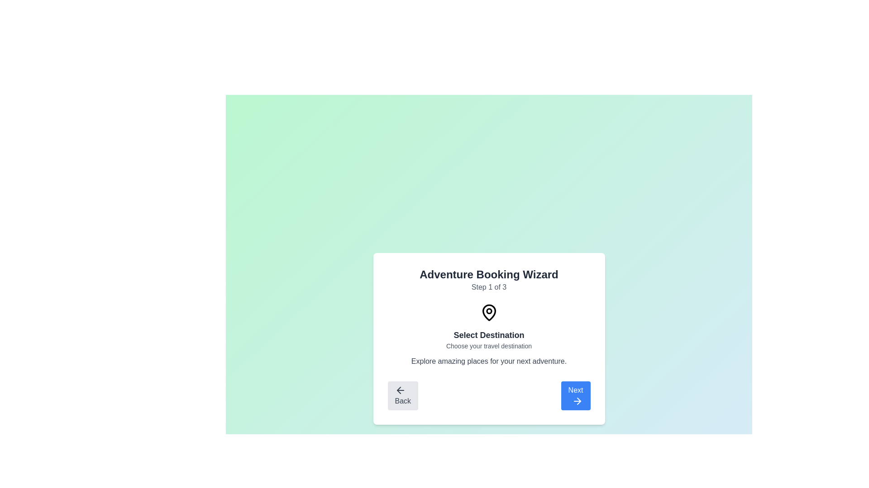 This screenshot has height=488, width=869. Describe the element at coordinates (578, 400) in the screenshot. I see `the 'Next' button that contains the rightward-pointing arrow icon, located at the bottom-right corner of the step-by-step wizard interface` at that location.